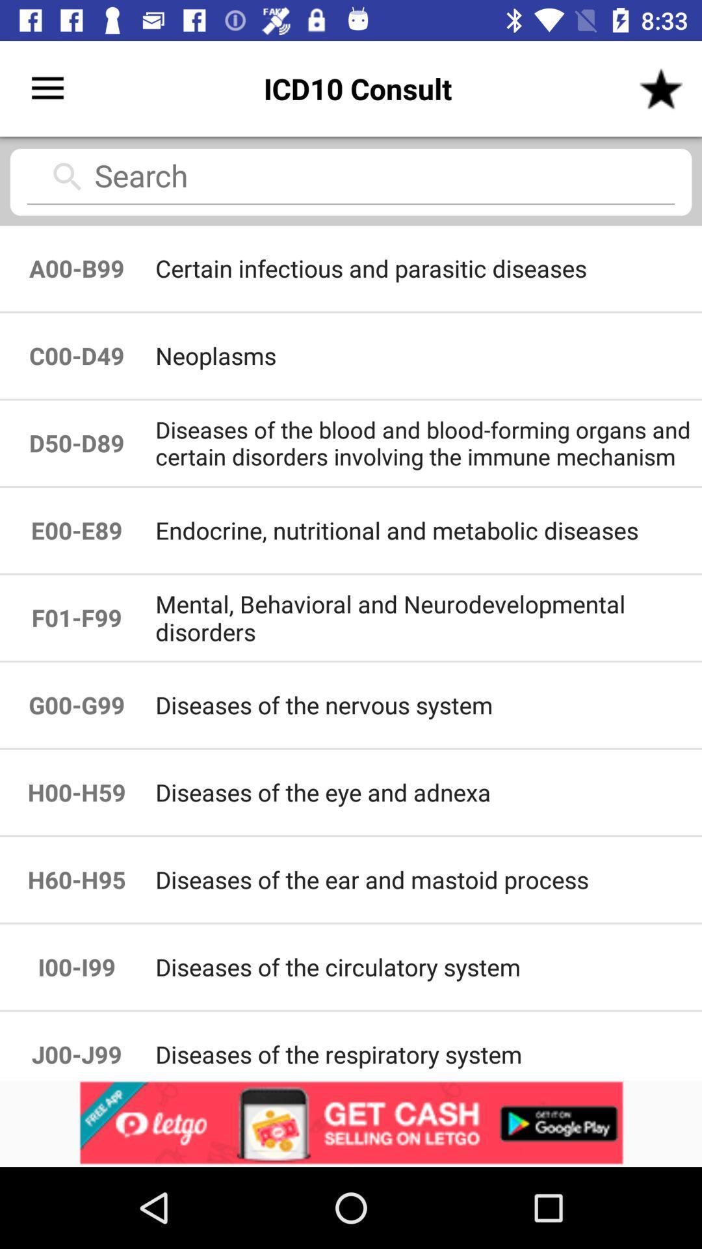 This screenshot has height=1249, width=702. What do you see at coordinates (77, 267) in the screenshot?
I see `item above the c00-d49` at bounding box center [77, 267].